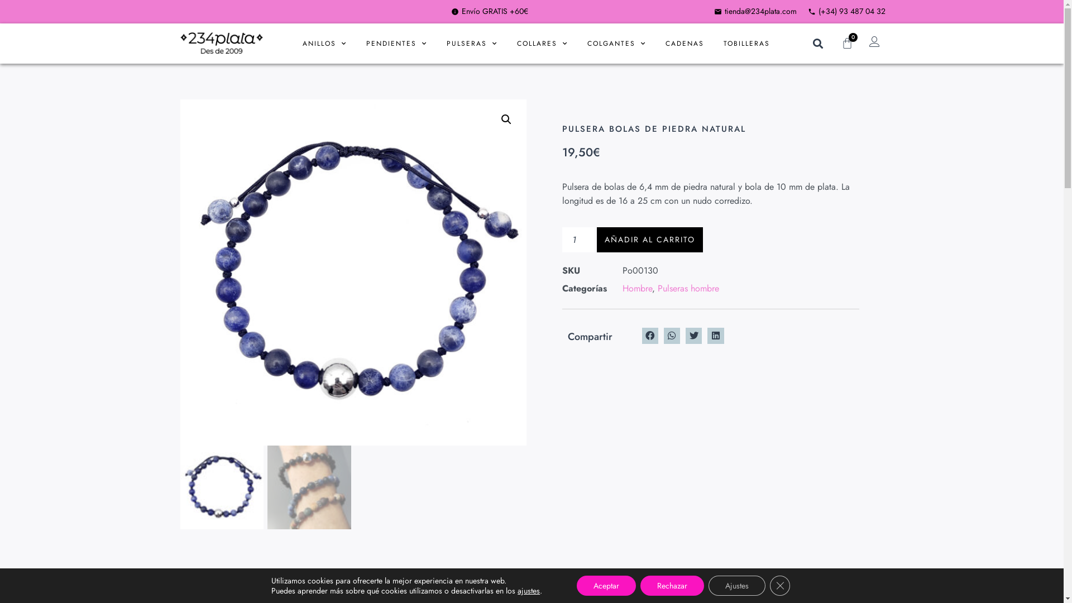 This screenshot has width=1072, height=603. What do you see at coordinates (528, 590) in the screenshot?
I see `'ajustes'` at bounding box center [528, 590].